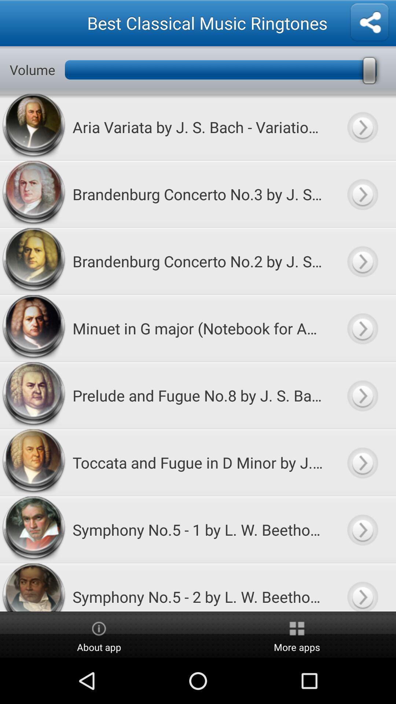 The height and width of the screenshot is (704, 396). I want to click on to play, so click(362, 194).